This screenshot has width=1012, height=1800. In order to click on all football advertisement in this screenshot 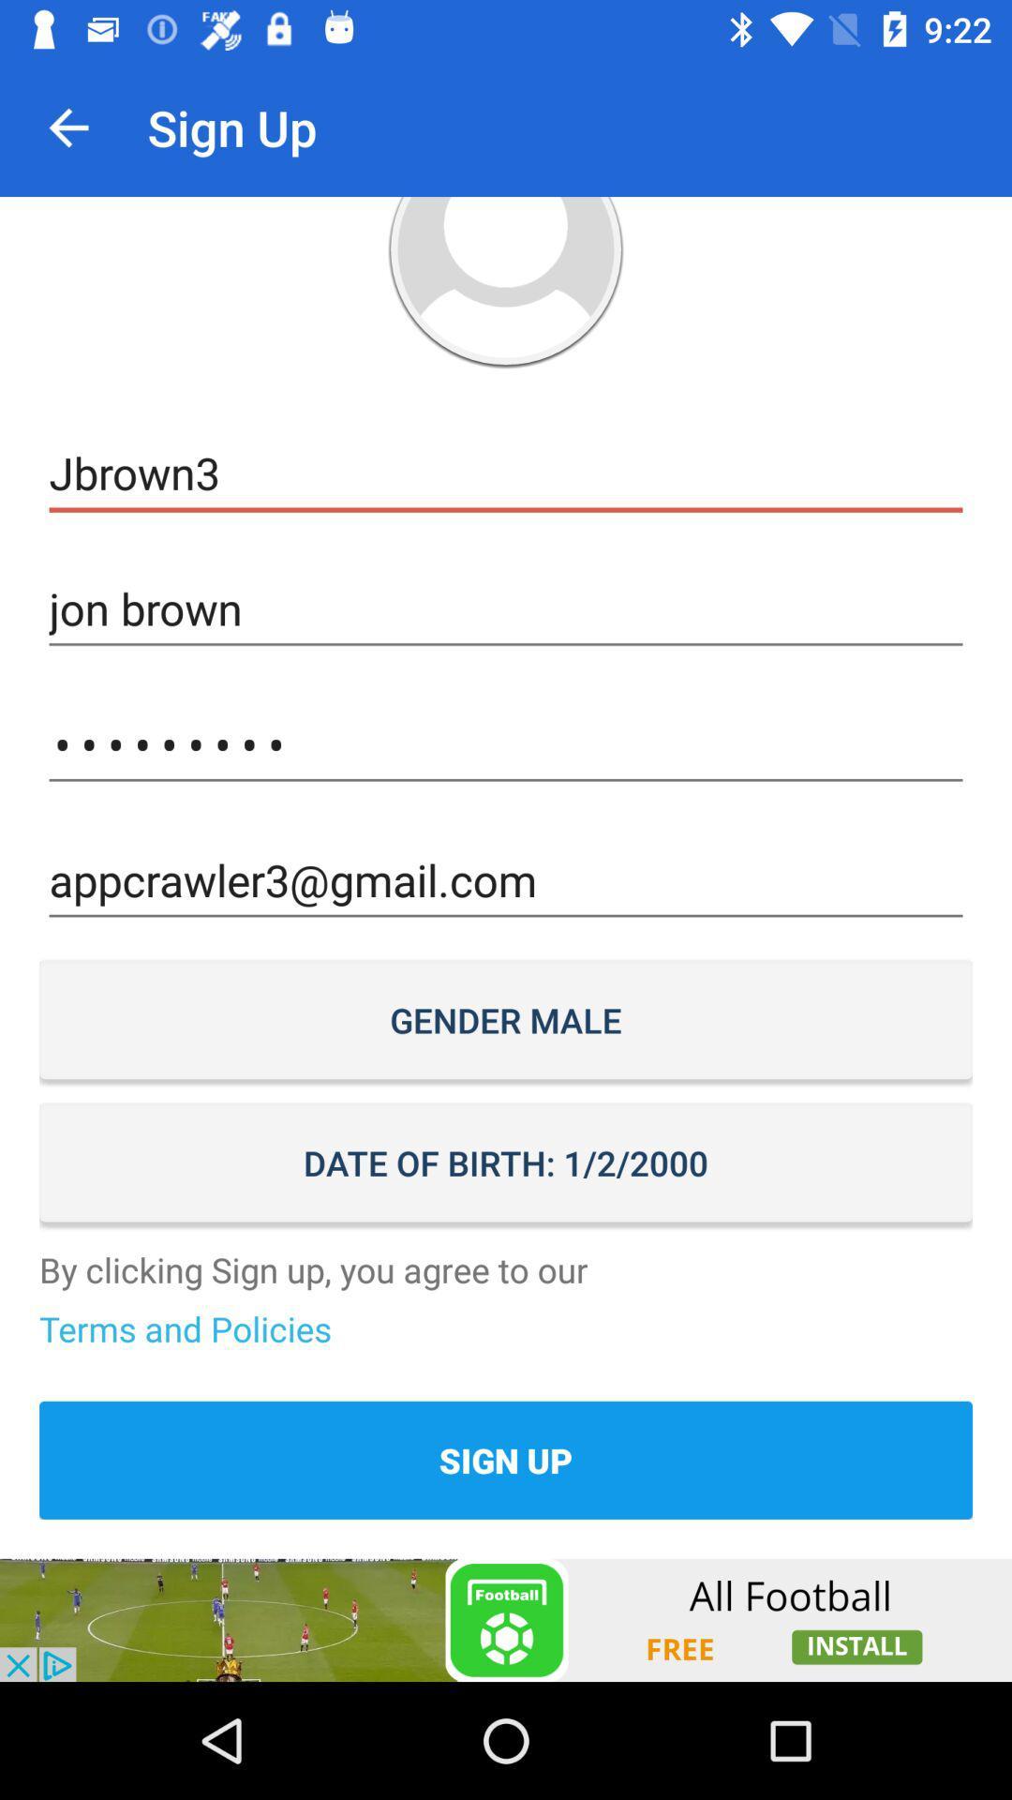, I will do `click(506, 1619)`.